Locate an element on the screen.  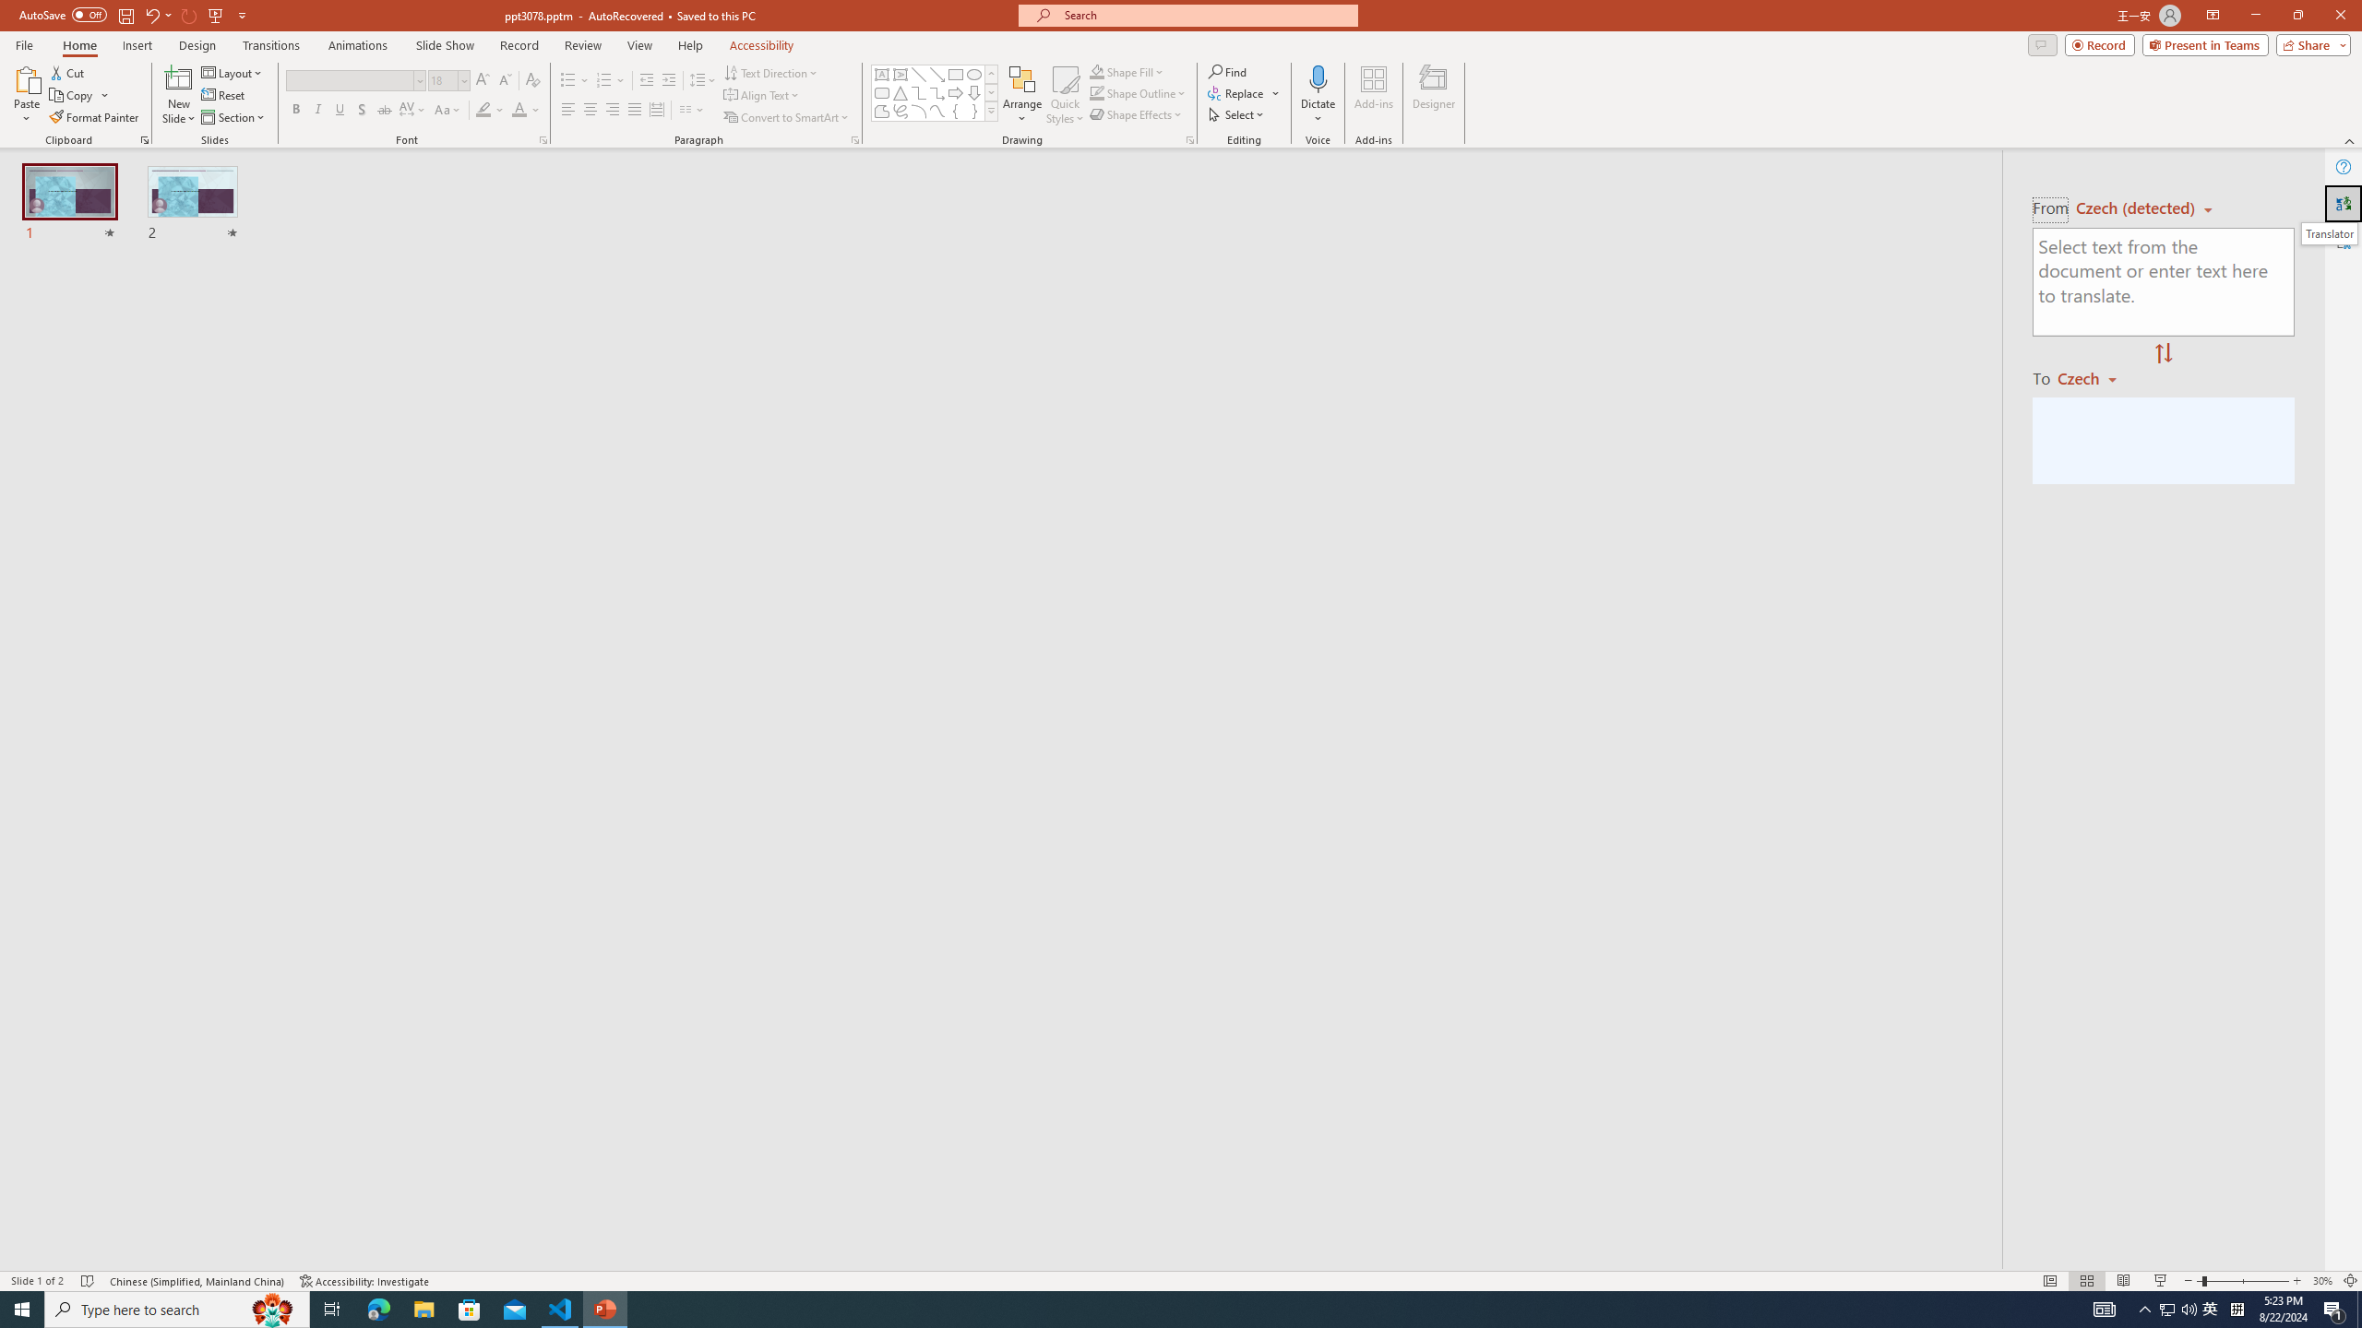
'Arrow: Right' is located at coordinates (955, 91).